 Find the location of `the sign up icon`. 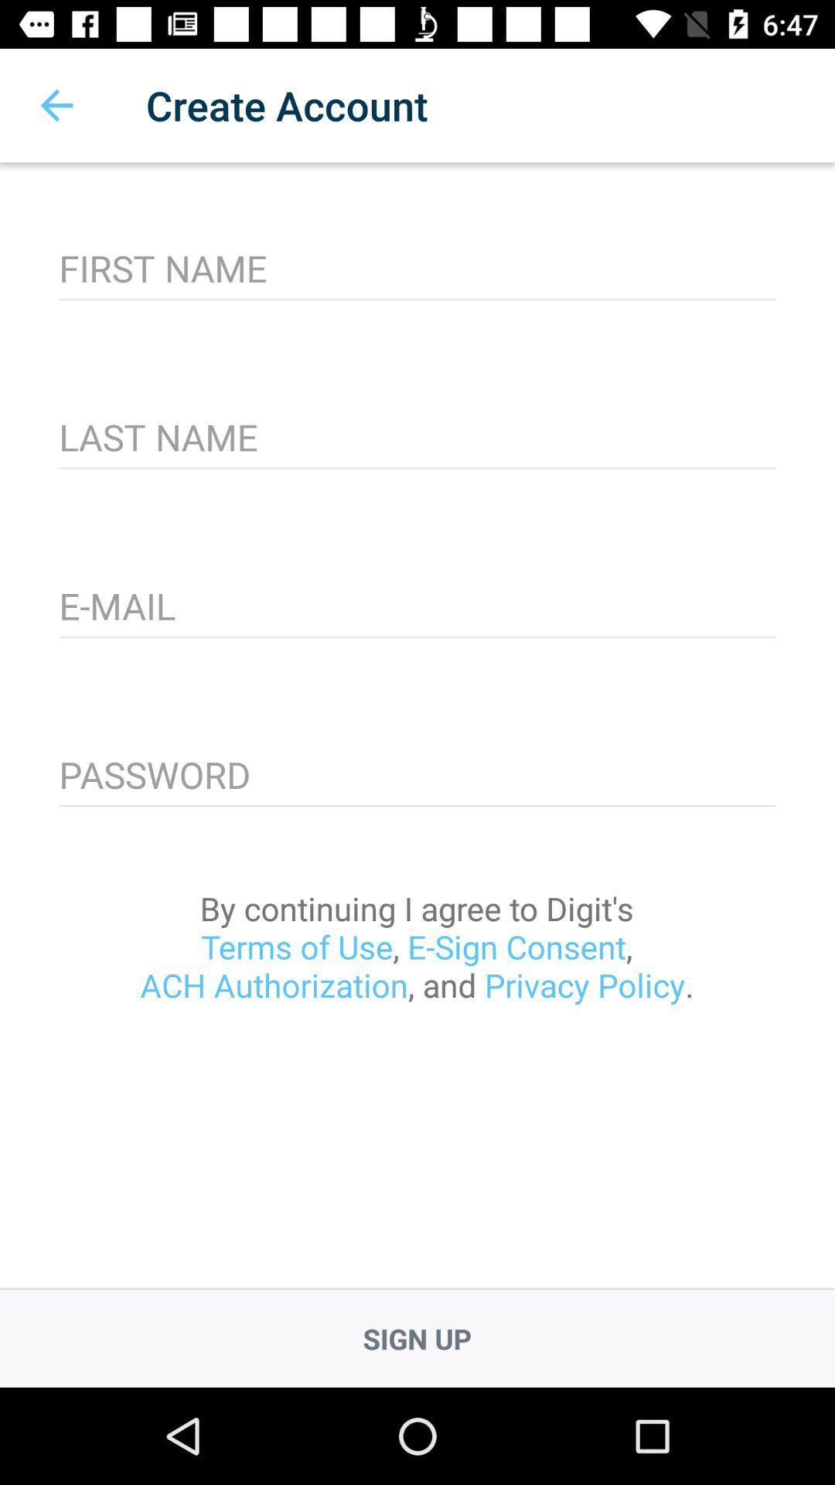

the sign up icon is located at coordinates (417, 1338).